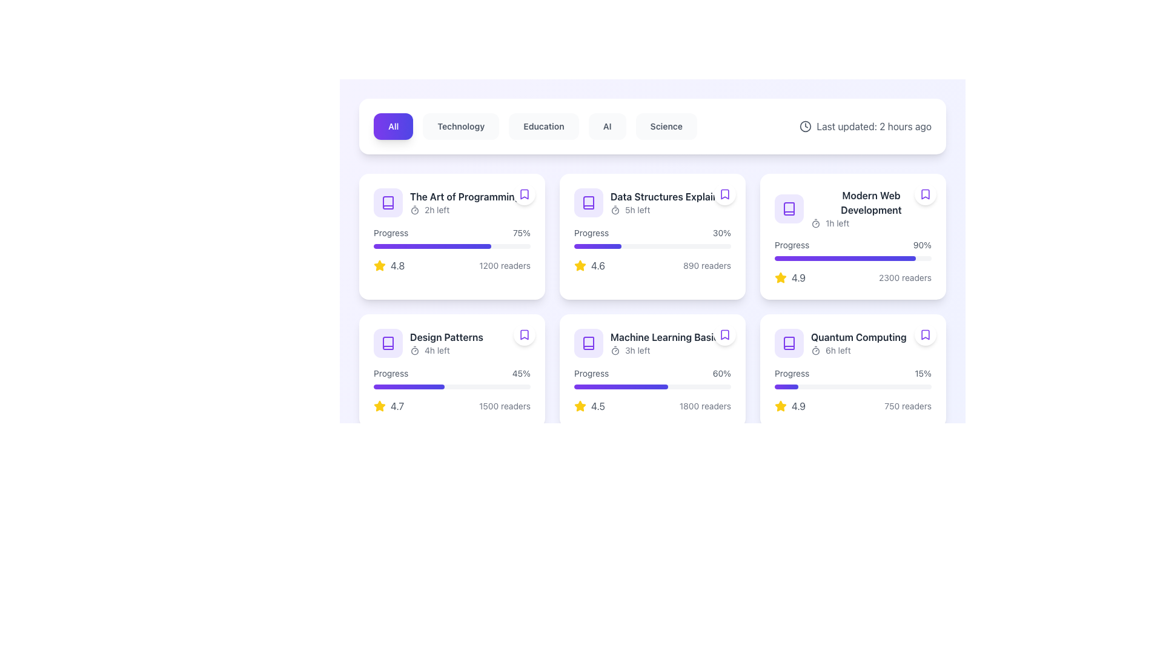  Describe the element at coordinates (858, 343) in the screenshot. I see `the 'Quantum Computing' text-based UI component, which features a title in bold dark gray and a smaller lighter gray text '6h left' along with a timer icon, located` at that location.